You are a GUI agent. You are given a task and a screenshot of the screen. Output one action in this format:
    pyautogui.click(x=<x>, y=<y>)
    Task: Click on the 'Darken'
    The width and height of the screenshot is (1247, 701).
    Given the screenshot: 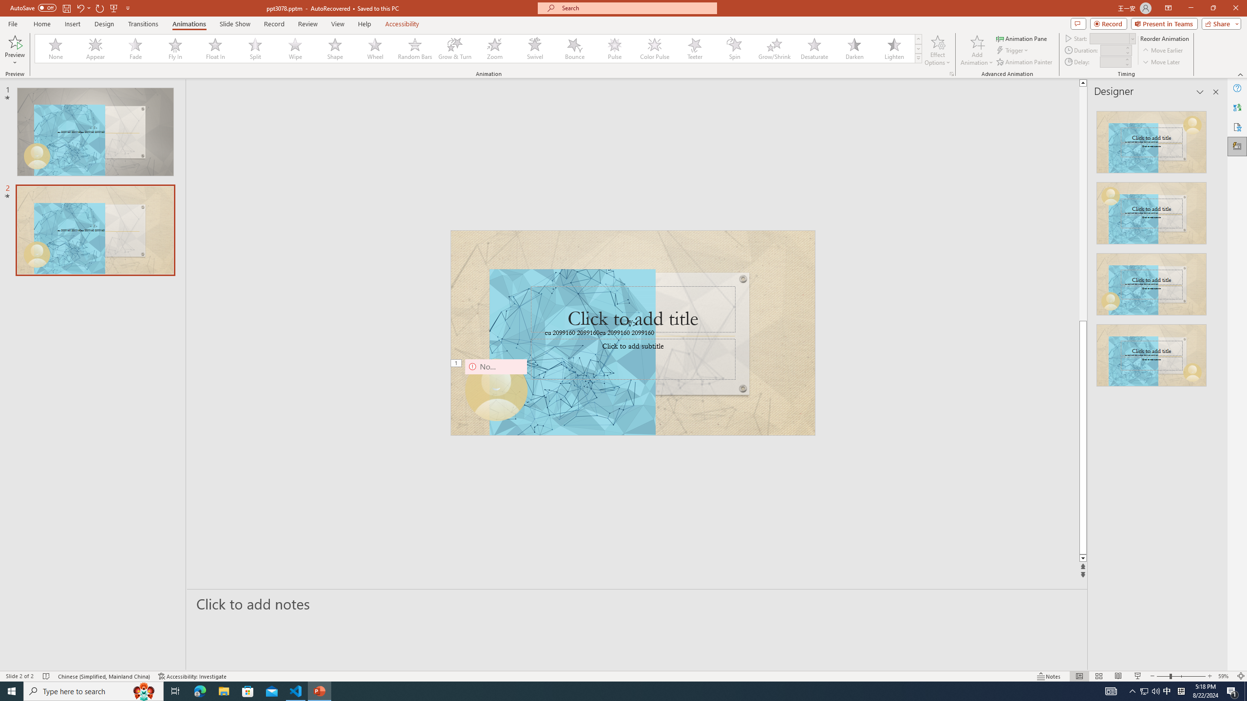 What is the action you would take?
    pyautogui.click(x=853, y=48)
    